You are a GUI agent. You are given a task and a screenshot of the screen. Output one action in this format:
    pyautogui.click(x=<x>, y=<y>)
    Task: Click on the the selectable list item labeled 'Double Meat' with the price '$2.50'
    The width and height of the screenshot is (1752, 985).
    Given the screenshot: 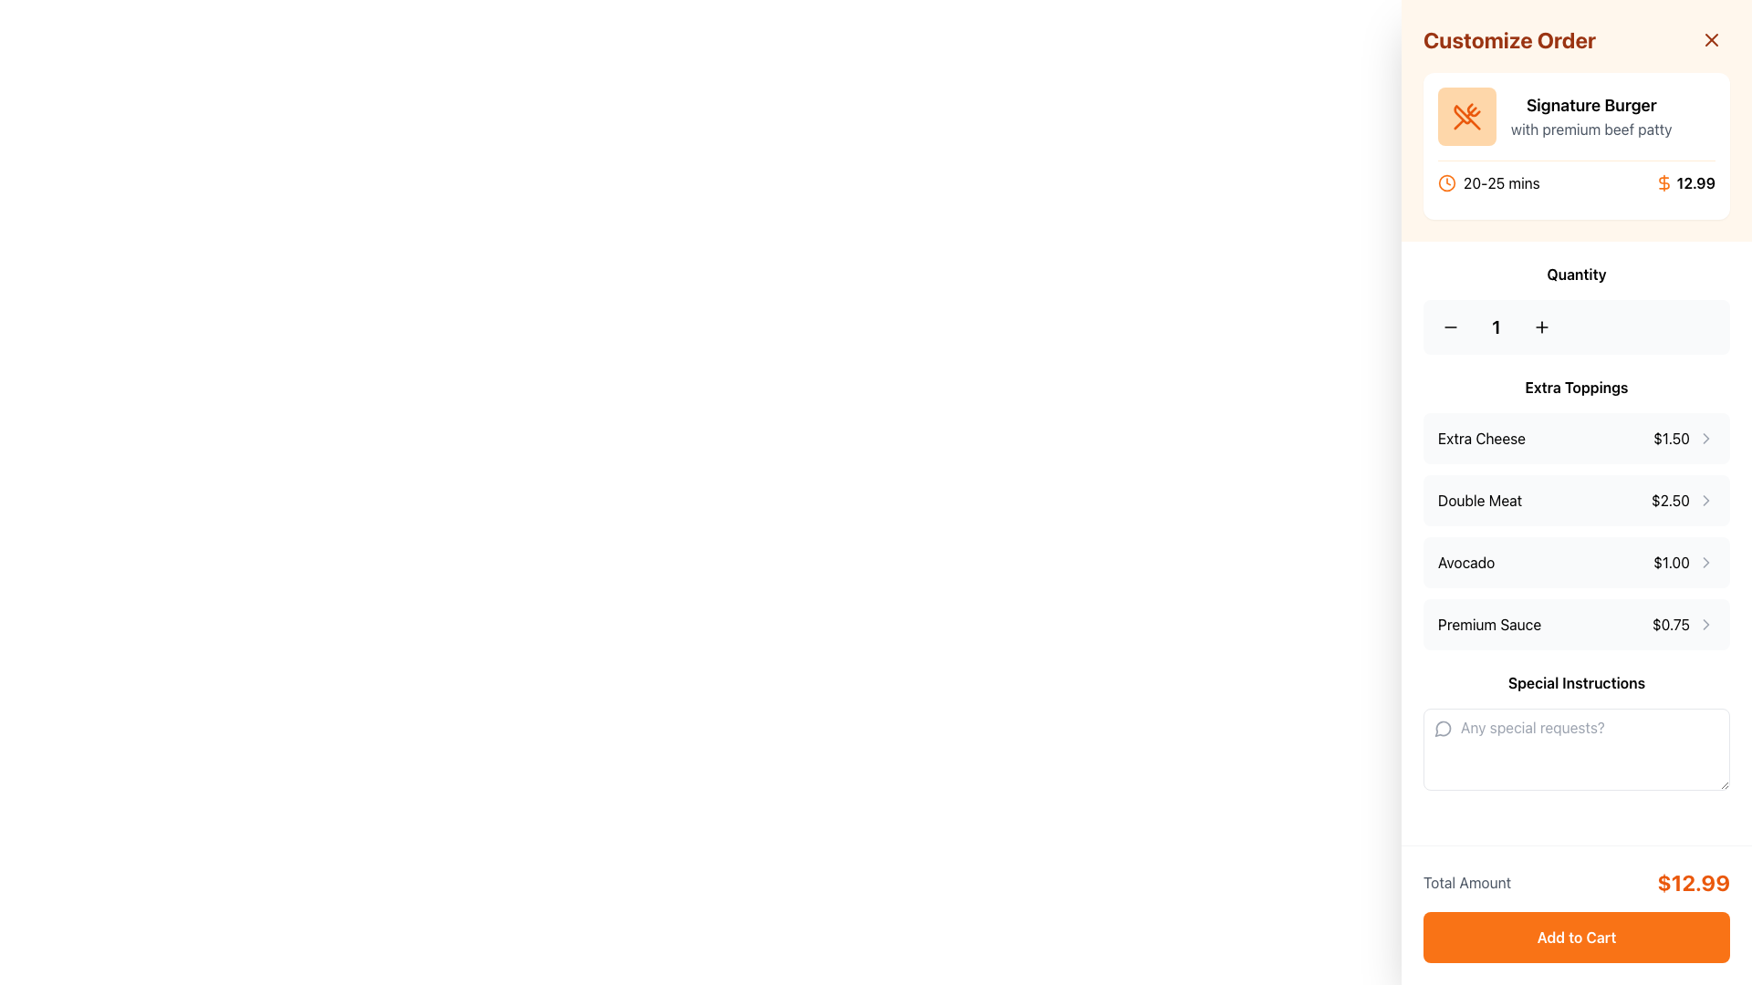 What is the action you would take?
    pyautogui.click(x=1576, y=513)
    